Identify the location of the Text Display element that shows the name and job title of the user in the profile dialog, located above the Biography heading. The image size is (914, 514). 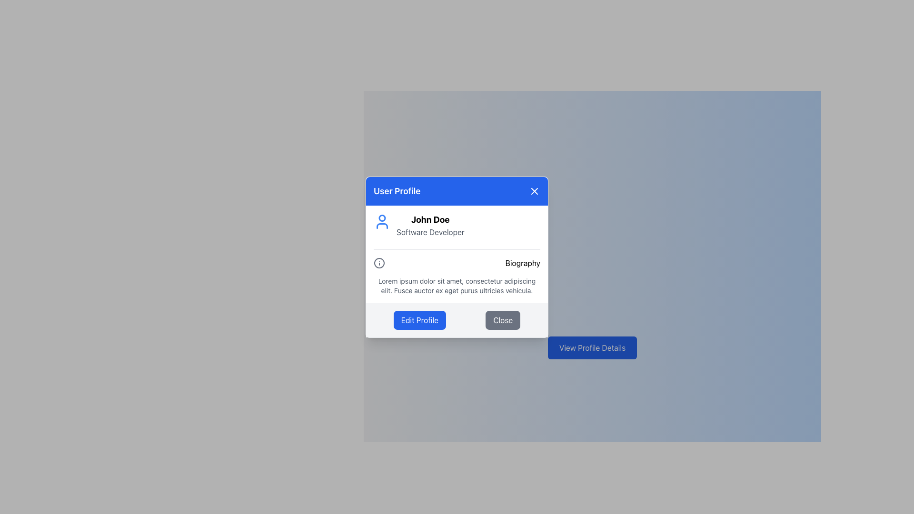
(430, 225).